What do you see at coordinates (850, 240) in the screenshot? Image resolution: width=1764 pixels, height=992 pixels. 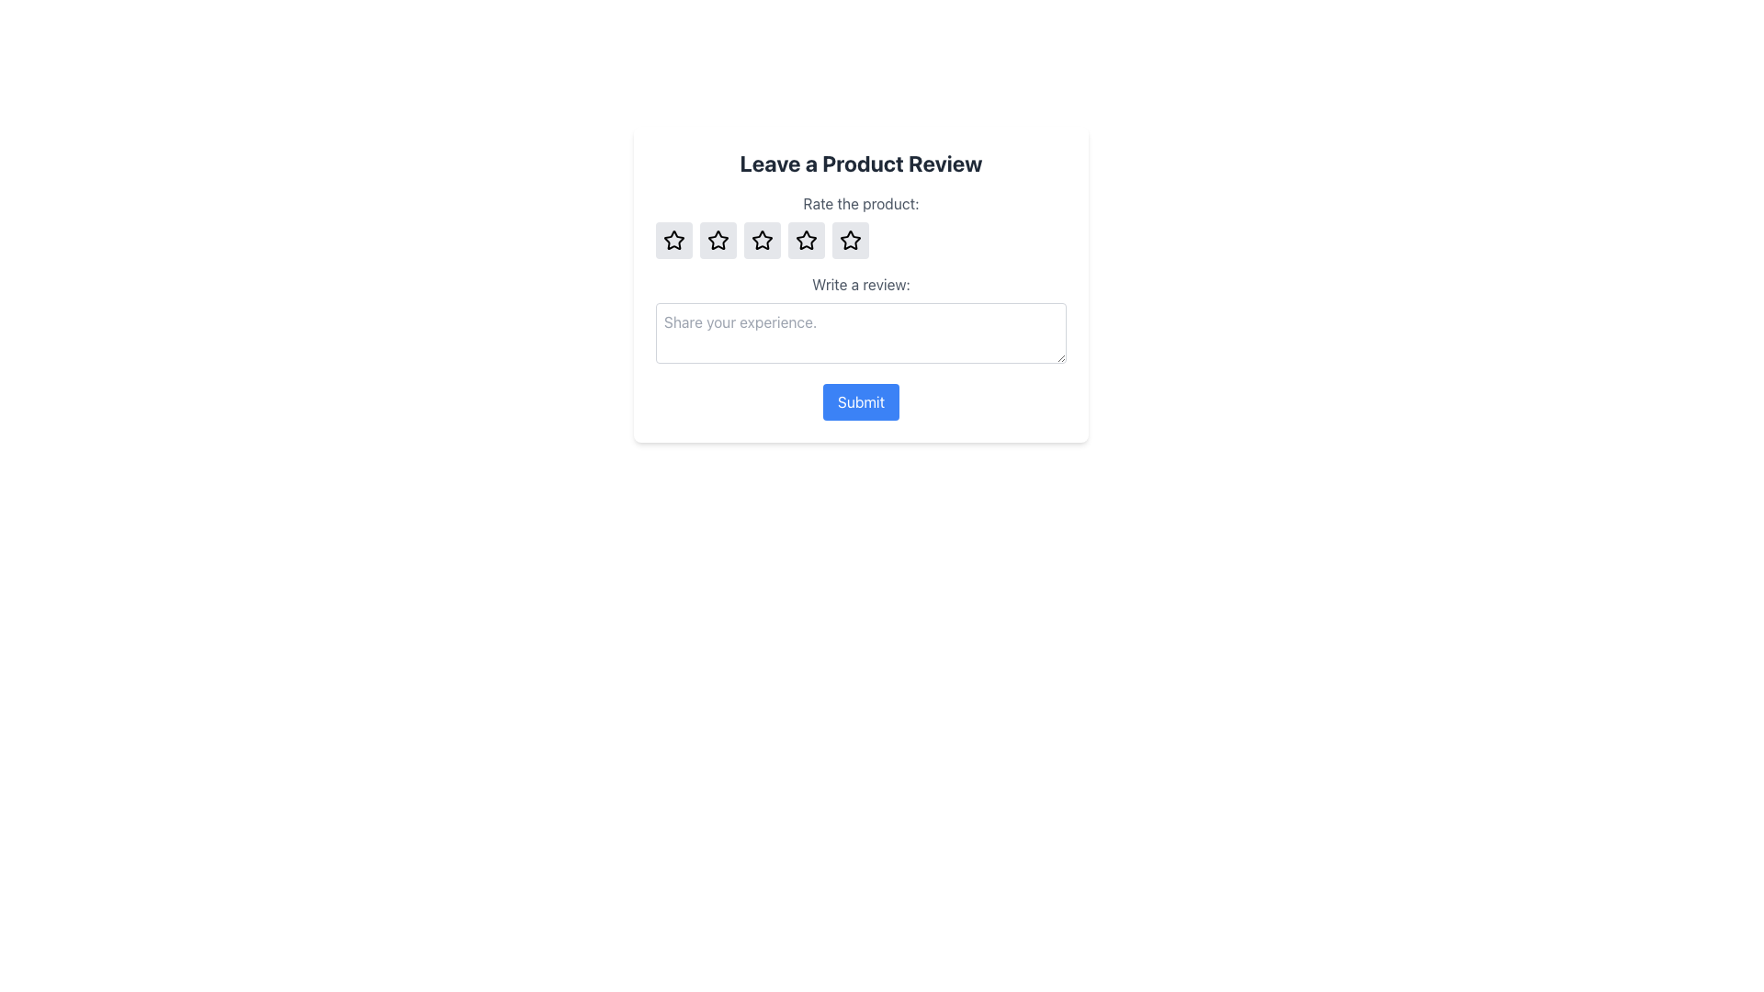 I see `the fifth star icon in the rating section below 'Rate the product:' in the 'Leave a Product Review' modal` at bounding box center [850, 240].